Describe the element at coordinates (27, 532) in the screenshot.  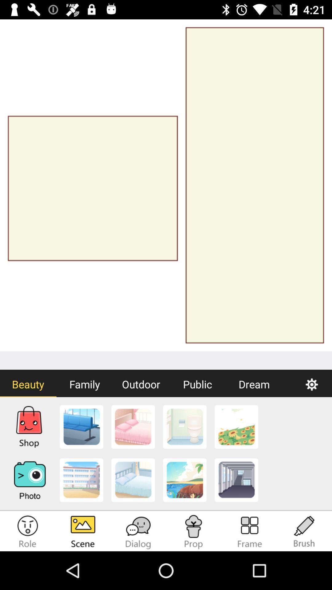
I see `the emoji icon` at that location.